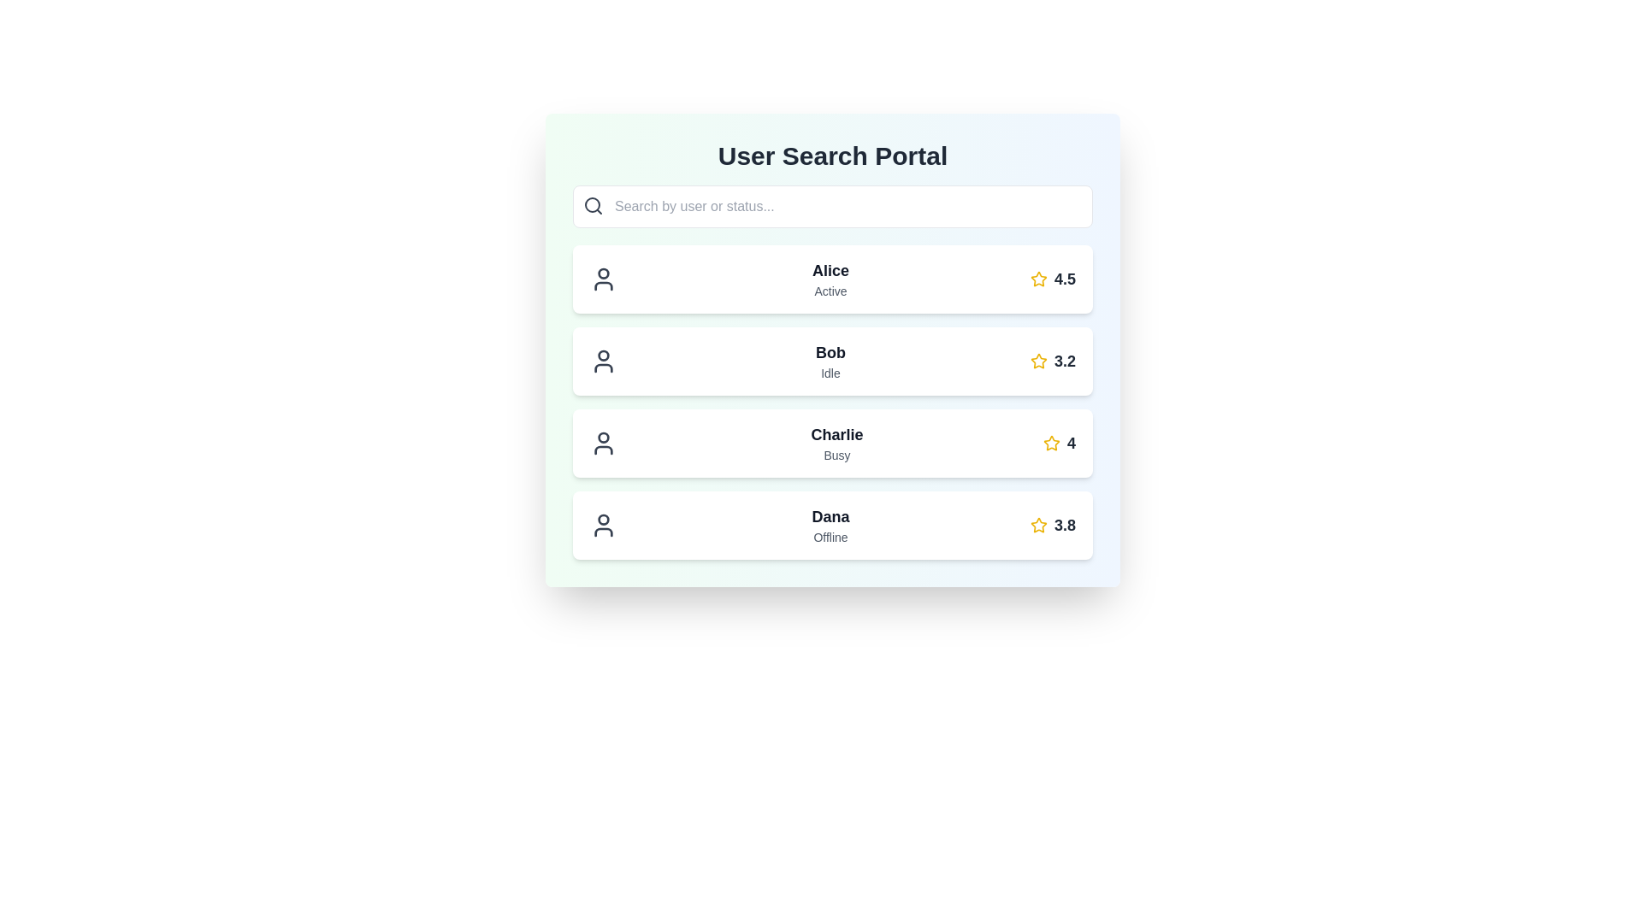  Describe the element at coordinates (837, 443) in the screenshot. I see `text displayed as 'Charlie' in bold and 'Busy' in a lighter font, which is centrally aligned in the third row of user cards` at that location.